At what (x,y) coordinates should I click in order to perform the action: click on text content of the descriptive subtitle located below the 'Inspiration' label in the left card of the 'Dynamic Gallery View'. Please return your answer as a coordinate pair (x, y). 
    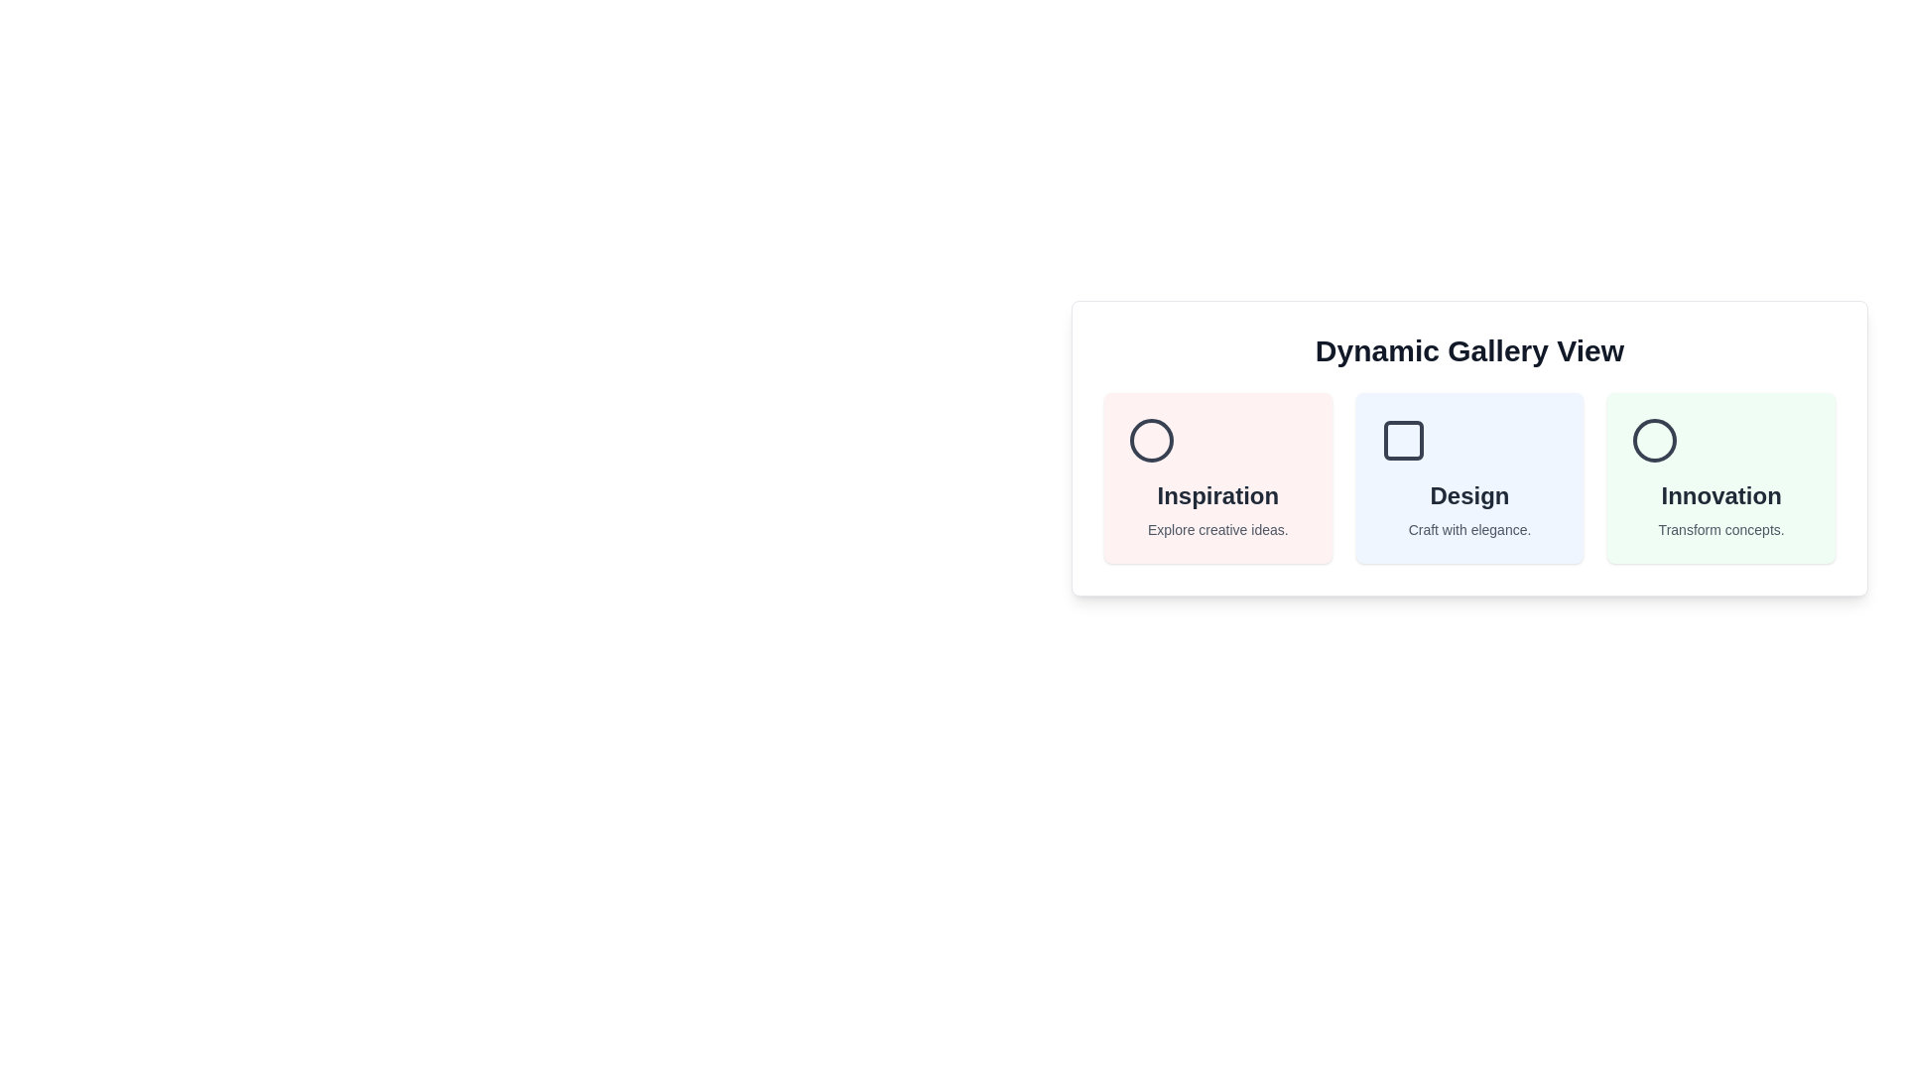
    Looking at the image, I should click on (1216, 528).